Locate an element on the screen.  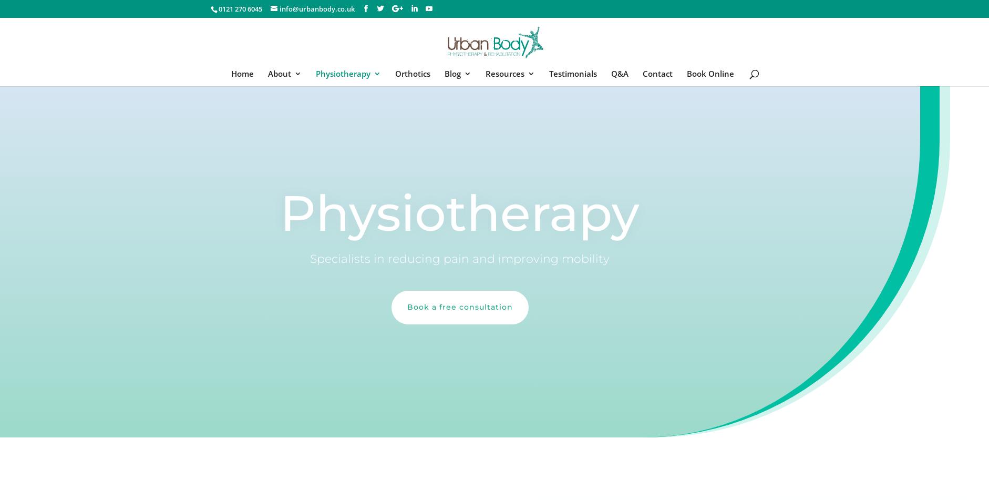
'Resources' is located at coordinates (486, 73).